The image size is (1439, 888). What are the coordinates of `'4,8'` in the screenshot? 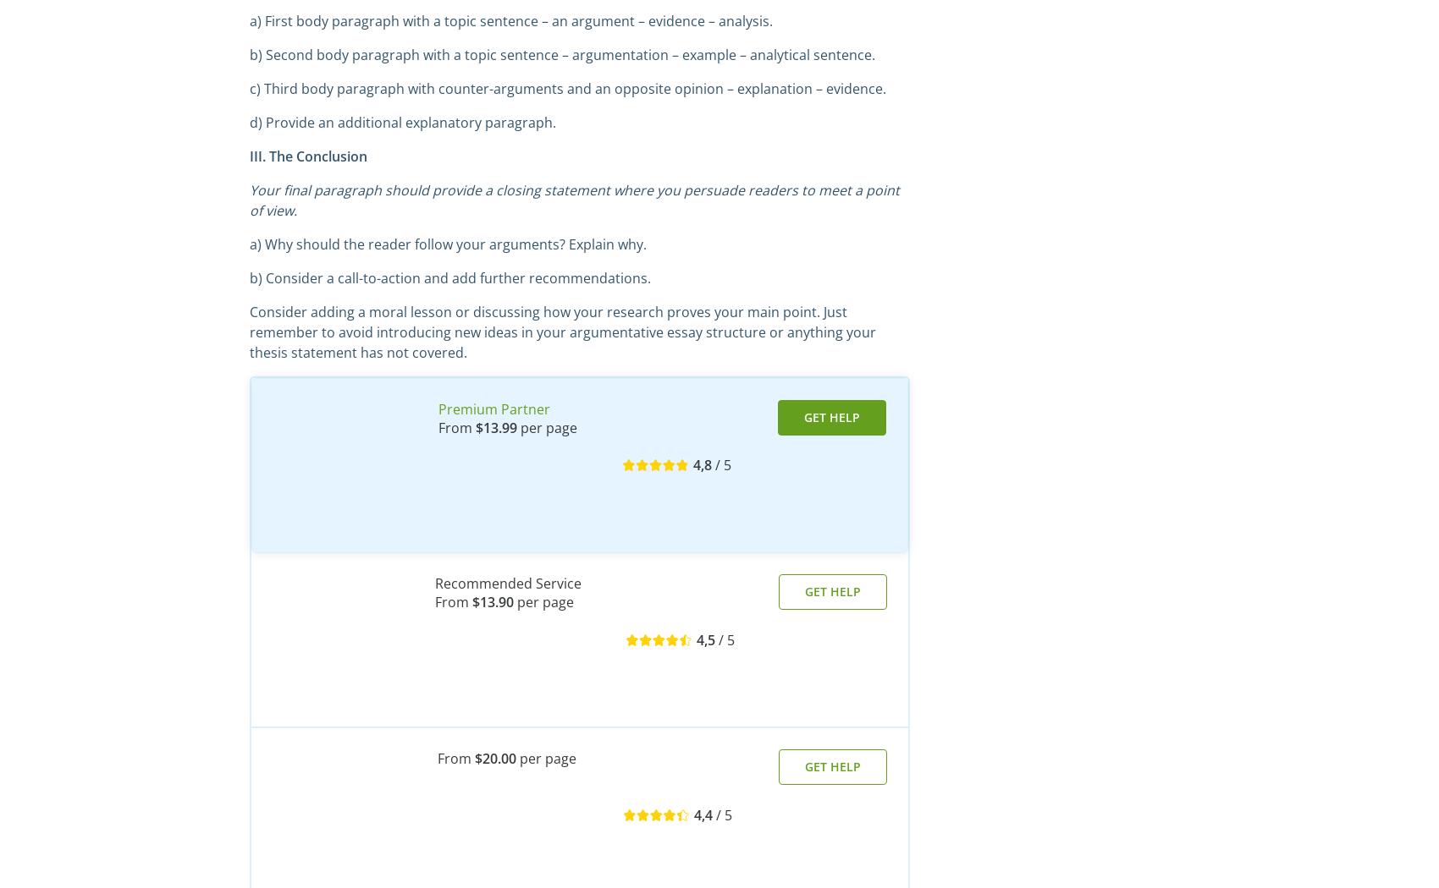 It's located at (701, 464).